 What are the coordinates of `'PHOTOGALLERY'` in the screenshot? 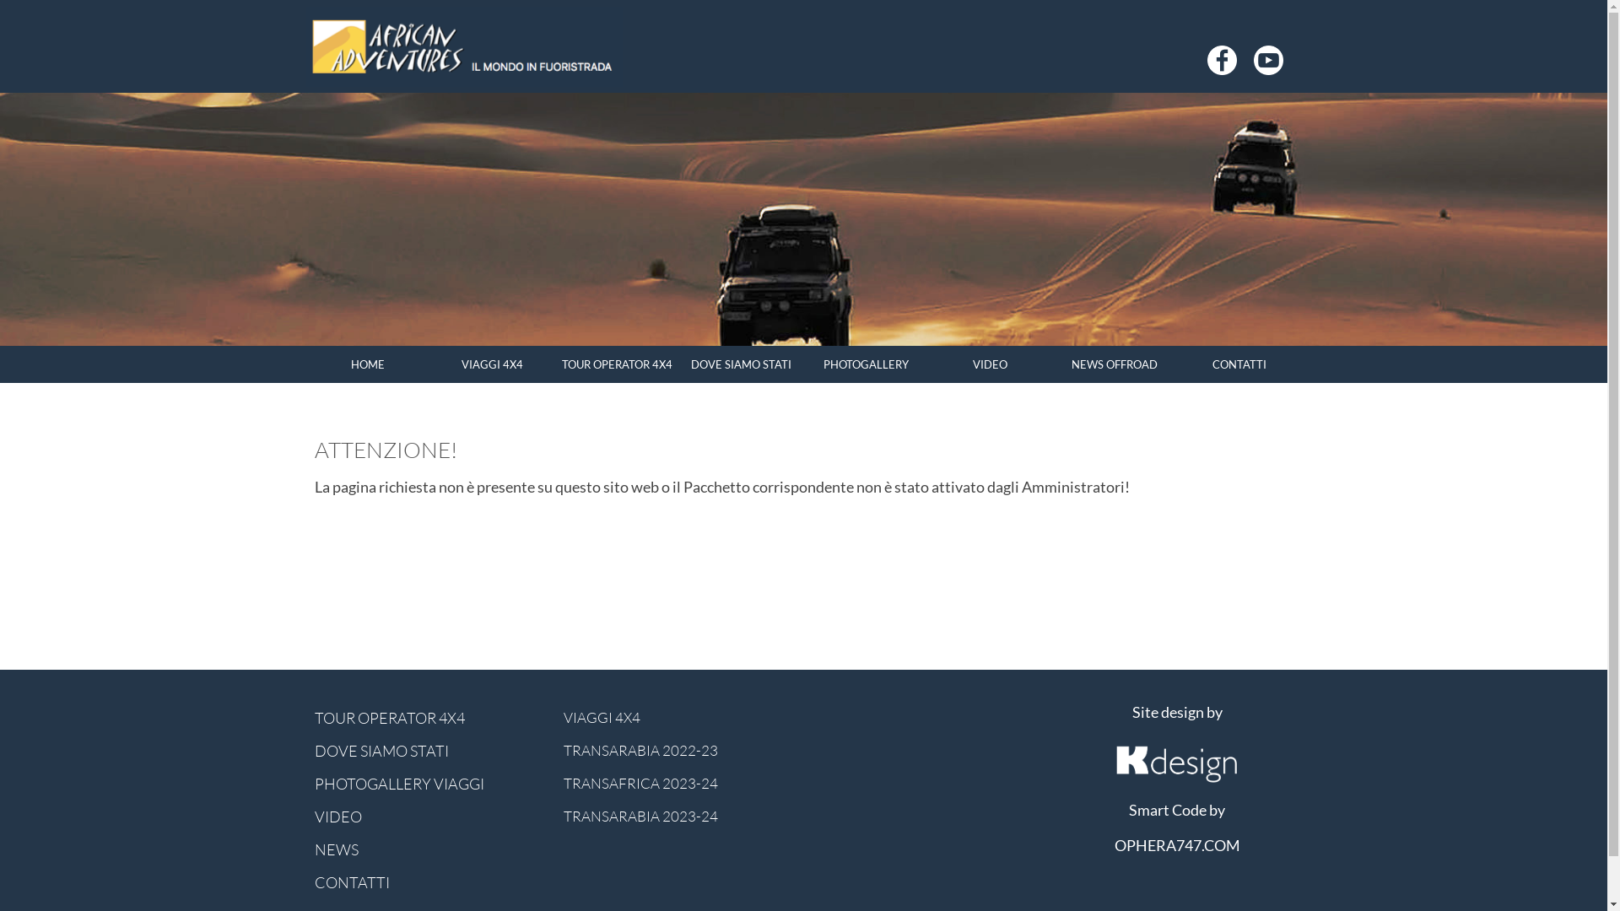 It's located at (802, 364).